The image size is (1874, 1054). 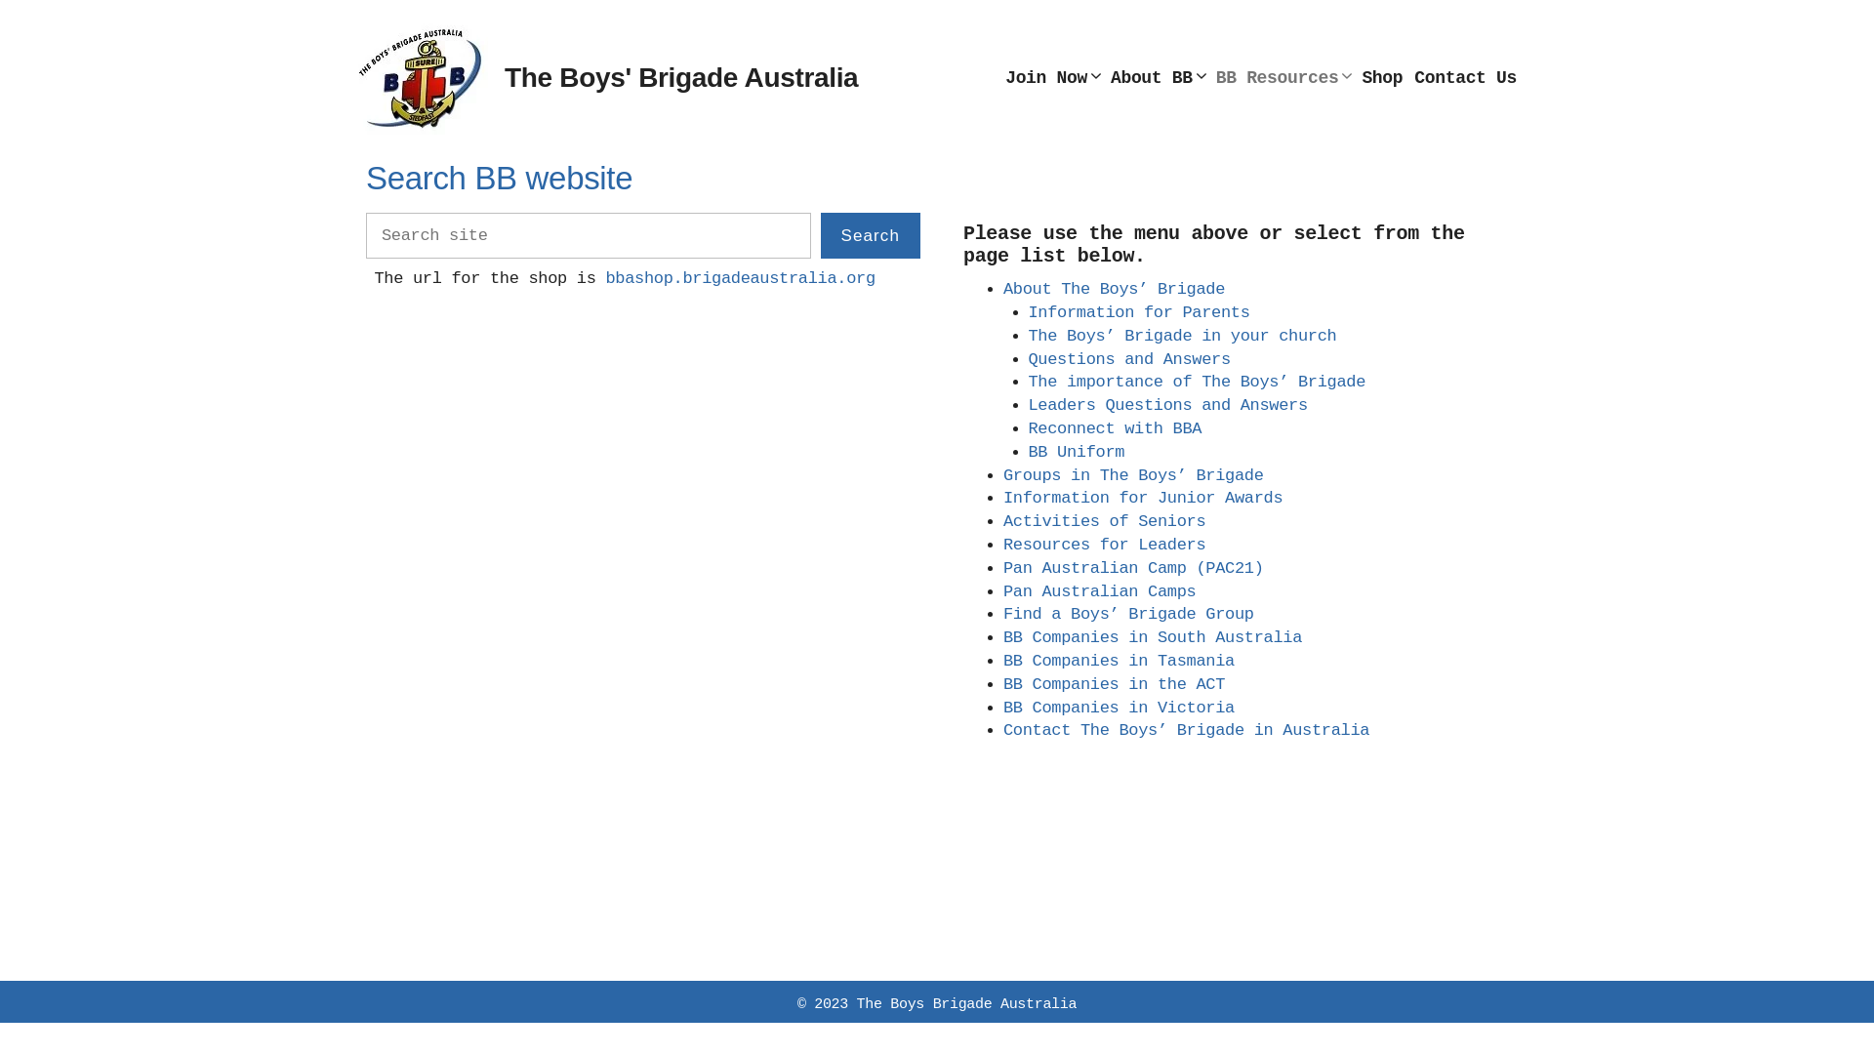 I want to click on 'The Boys' Brigade Australia', so click(x=680, y=76).